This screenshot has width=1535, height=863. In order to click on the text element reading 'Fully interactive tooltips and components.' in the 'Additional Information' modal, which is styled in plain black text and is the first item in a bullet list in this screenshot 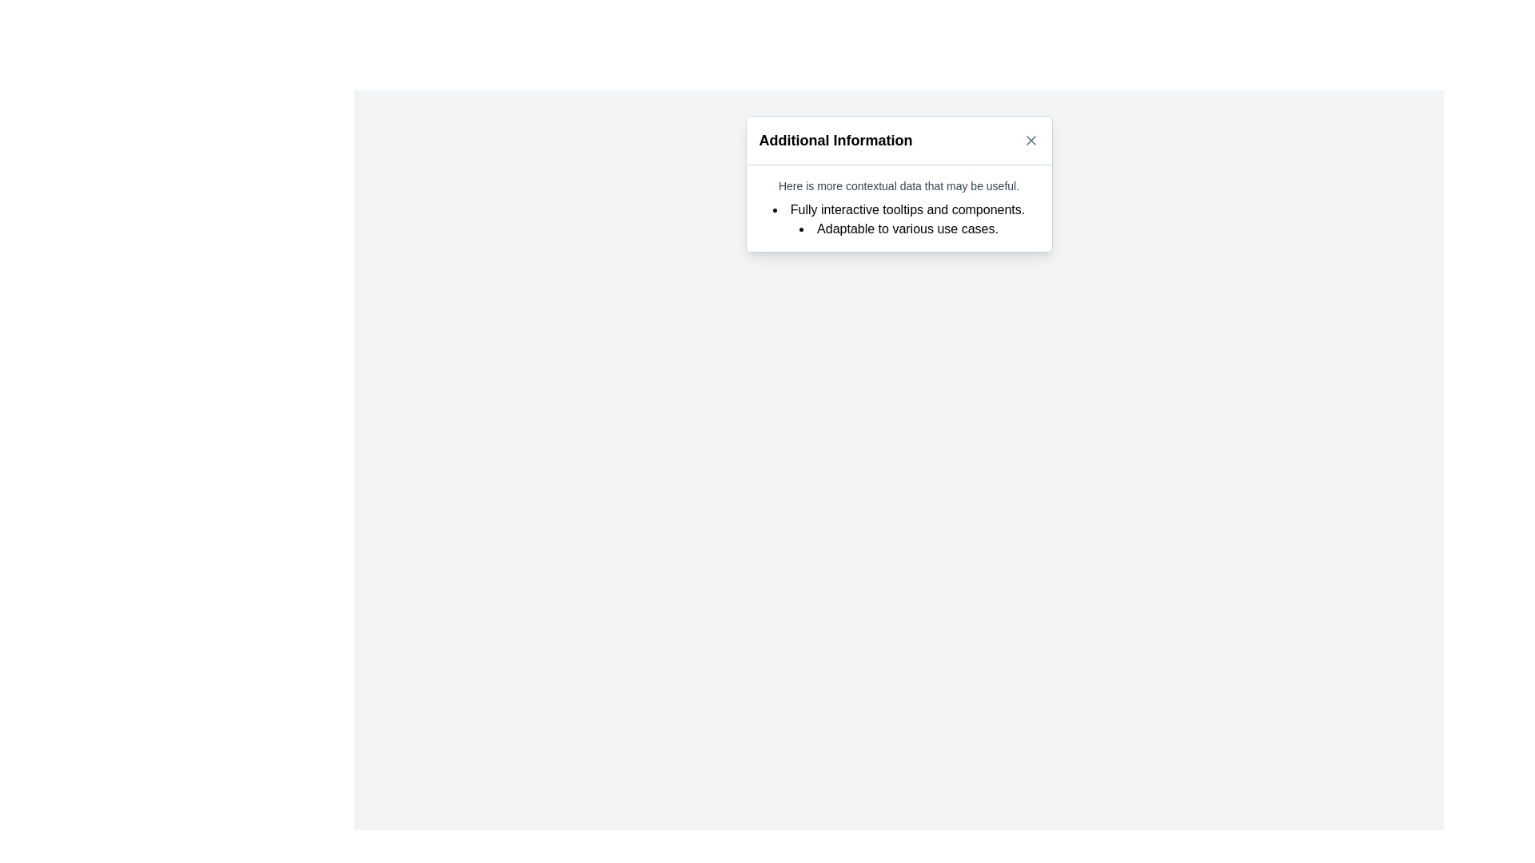, I will do `click(899, 209)`.